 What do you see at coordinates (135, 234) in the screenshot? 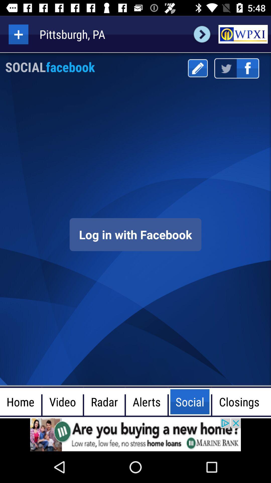
I see `screen page` at bounding box center [135, 234].